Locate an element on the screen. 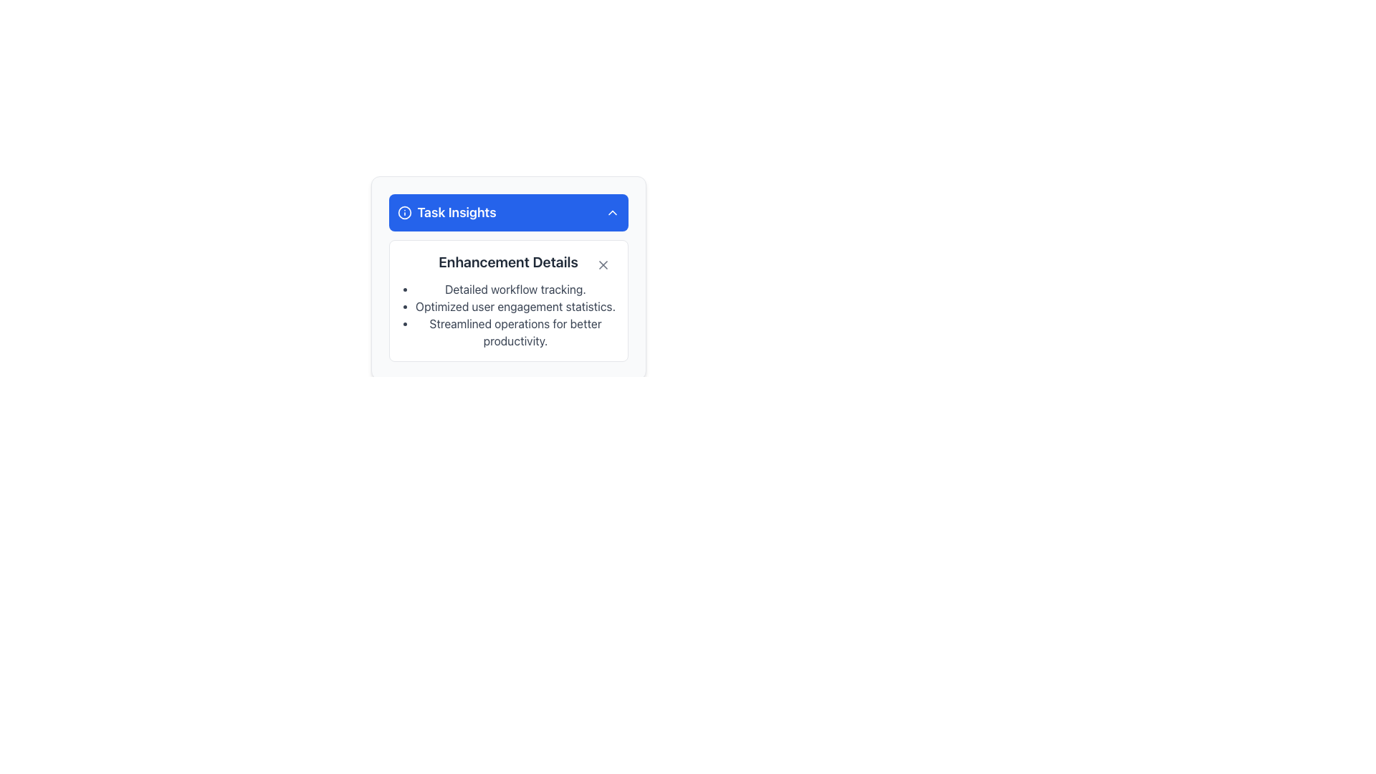 This screenshot has height=774, width=1376. the close button located in the top-right corner of the 'Enhancement Details' section is located at coordinates (603, 265).